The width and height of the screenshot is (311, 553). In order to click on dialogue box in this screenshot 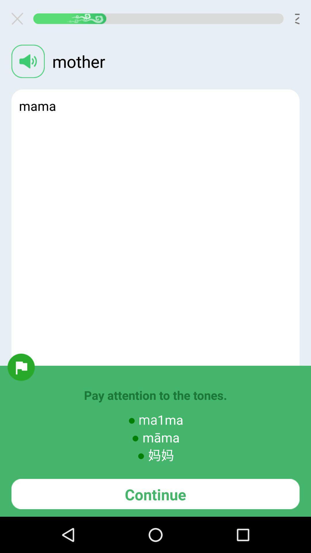, I will do `click(19, 18)`.